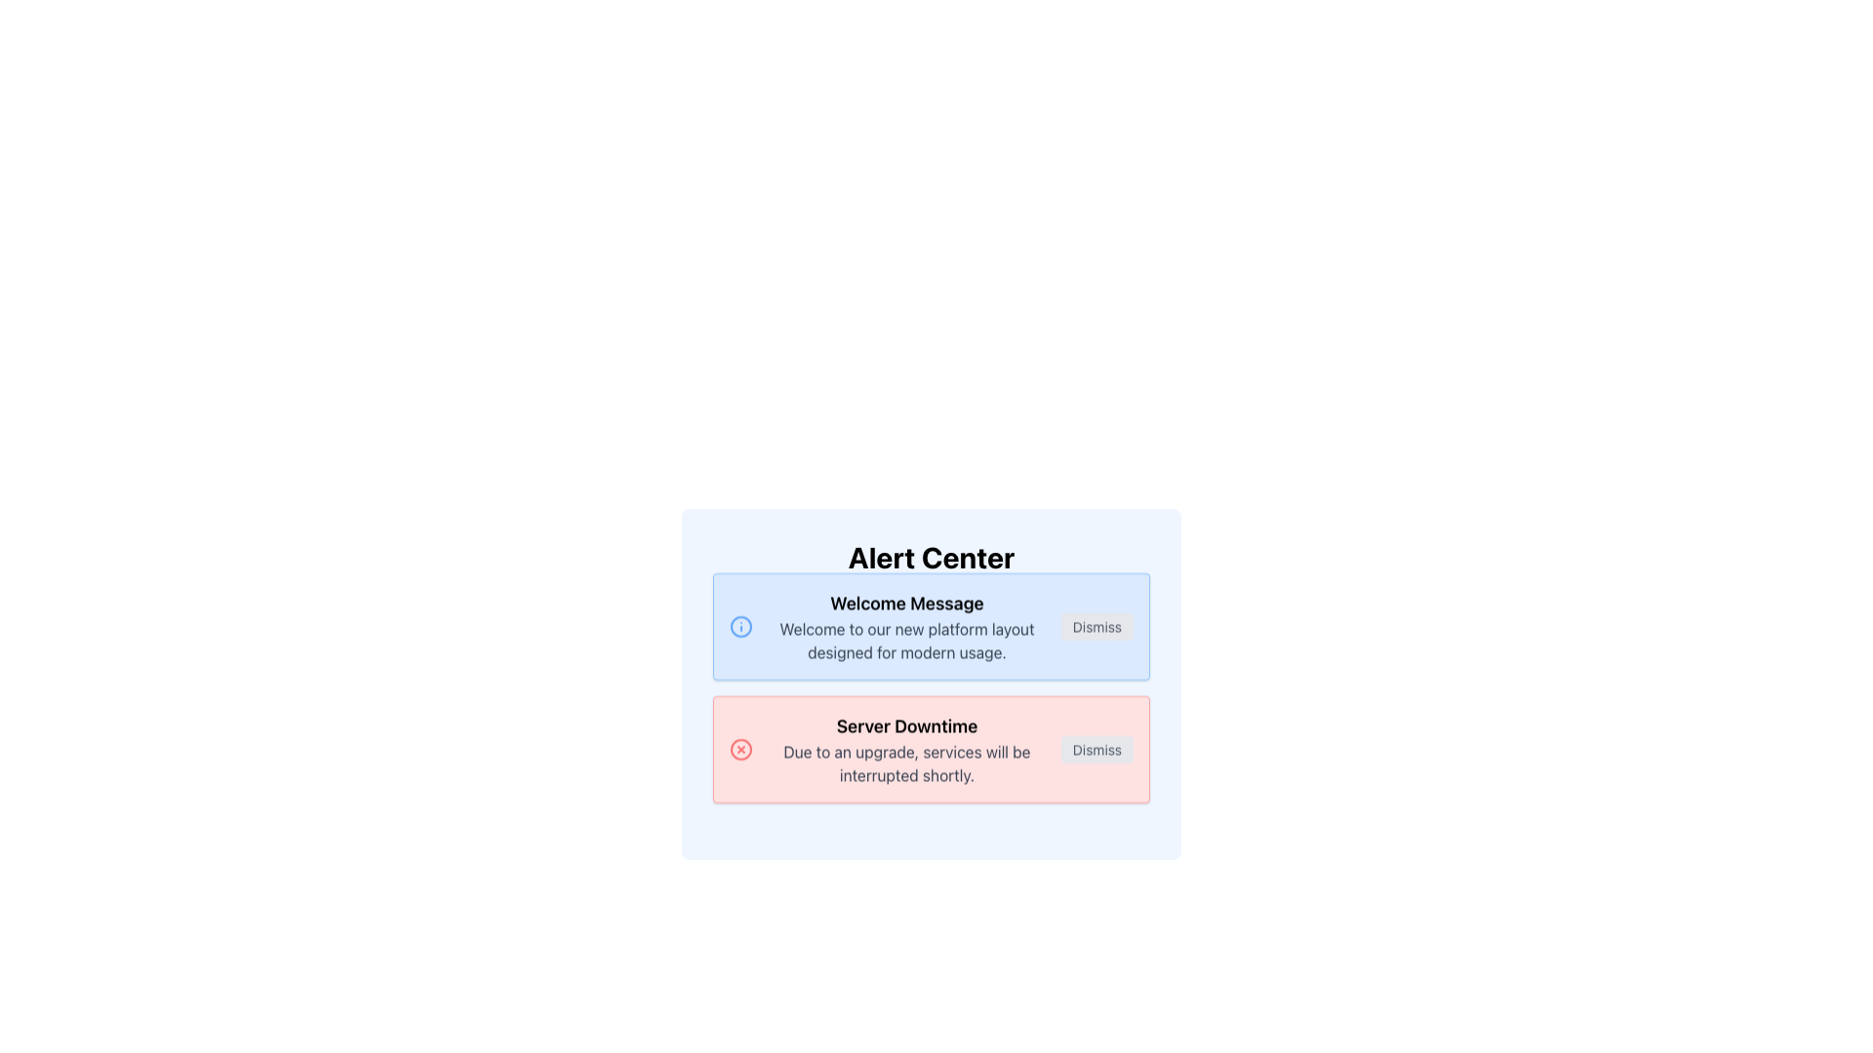 The image size is (1873, 1053). Describe the element at coordinates (1096, 643) in the screenshot. I see `the 'Dismiss' button located at the far right of the 'Welcome Message' panel to change its background color` at that location.